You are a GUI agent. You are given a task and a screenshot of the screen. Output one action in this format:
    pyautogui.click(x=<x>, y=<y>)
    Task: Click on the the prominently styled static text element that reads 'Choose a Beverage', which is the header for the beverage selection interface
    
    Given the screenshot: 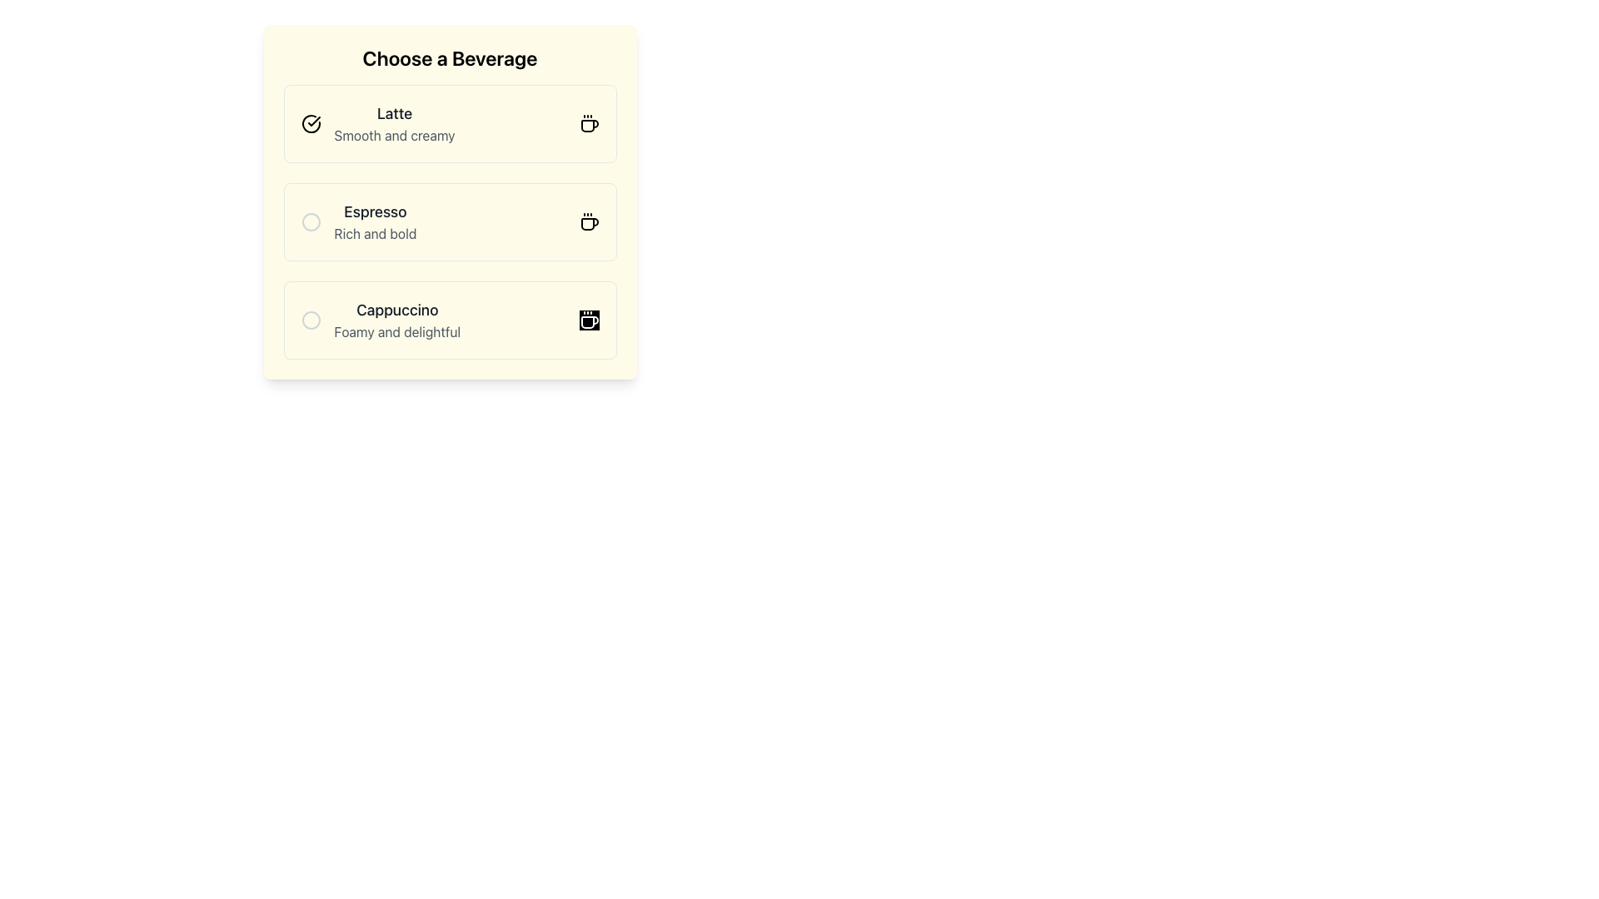 What is the action you would take?
    pyautogui.click(x=450, y=57)
    